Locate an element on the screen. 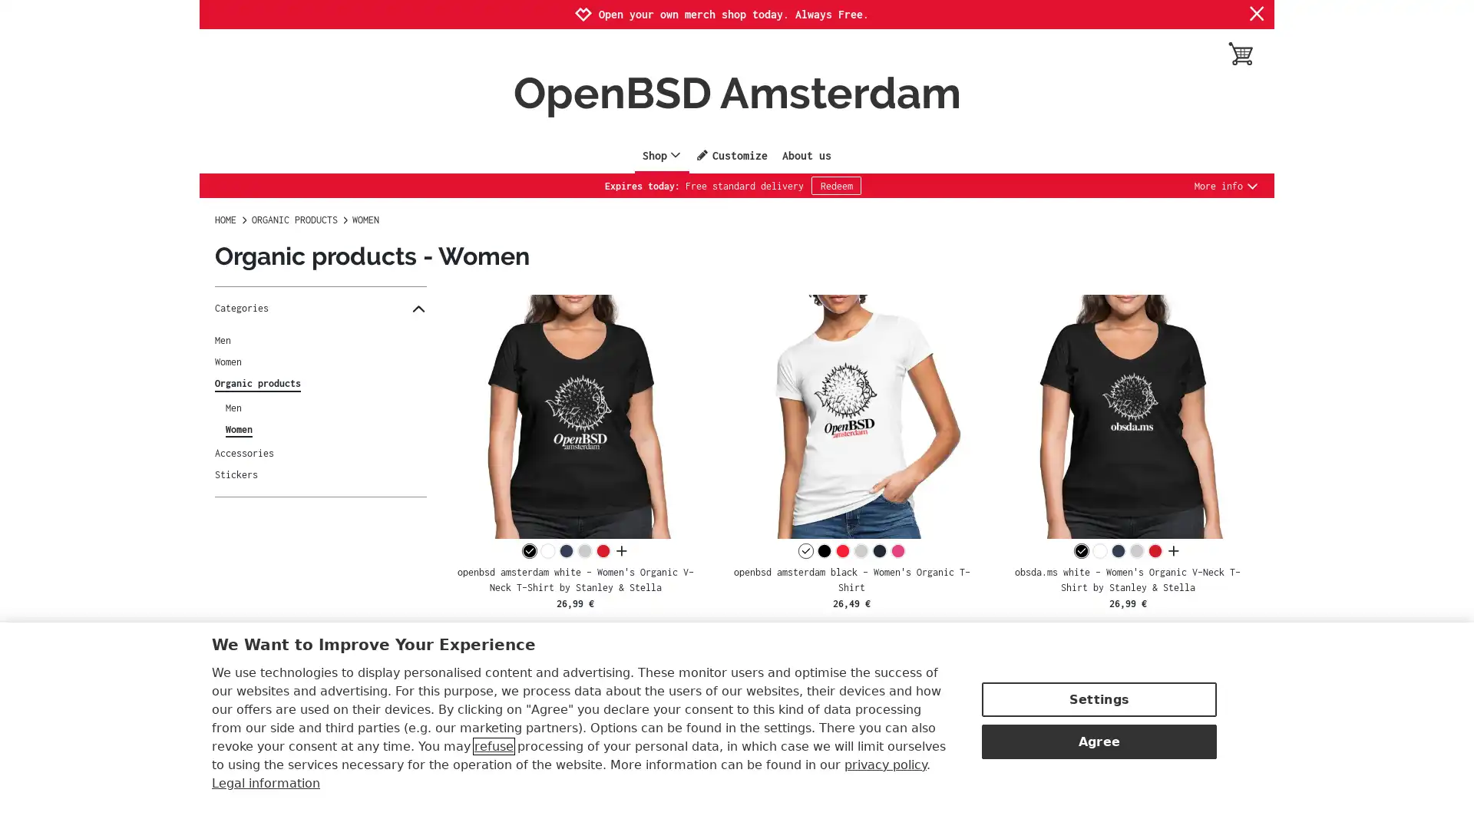 The width and height of the screenshot is (1474, 829). white is located at coordinates (1099, 550).